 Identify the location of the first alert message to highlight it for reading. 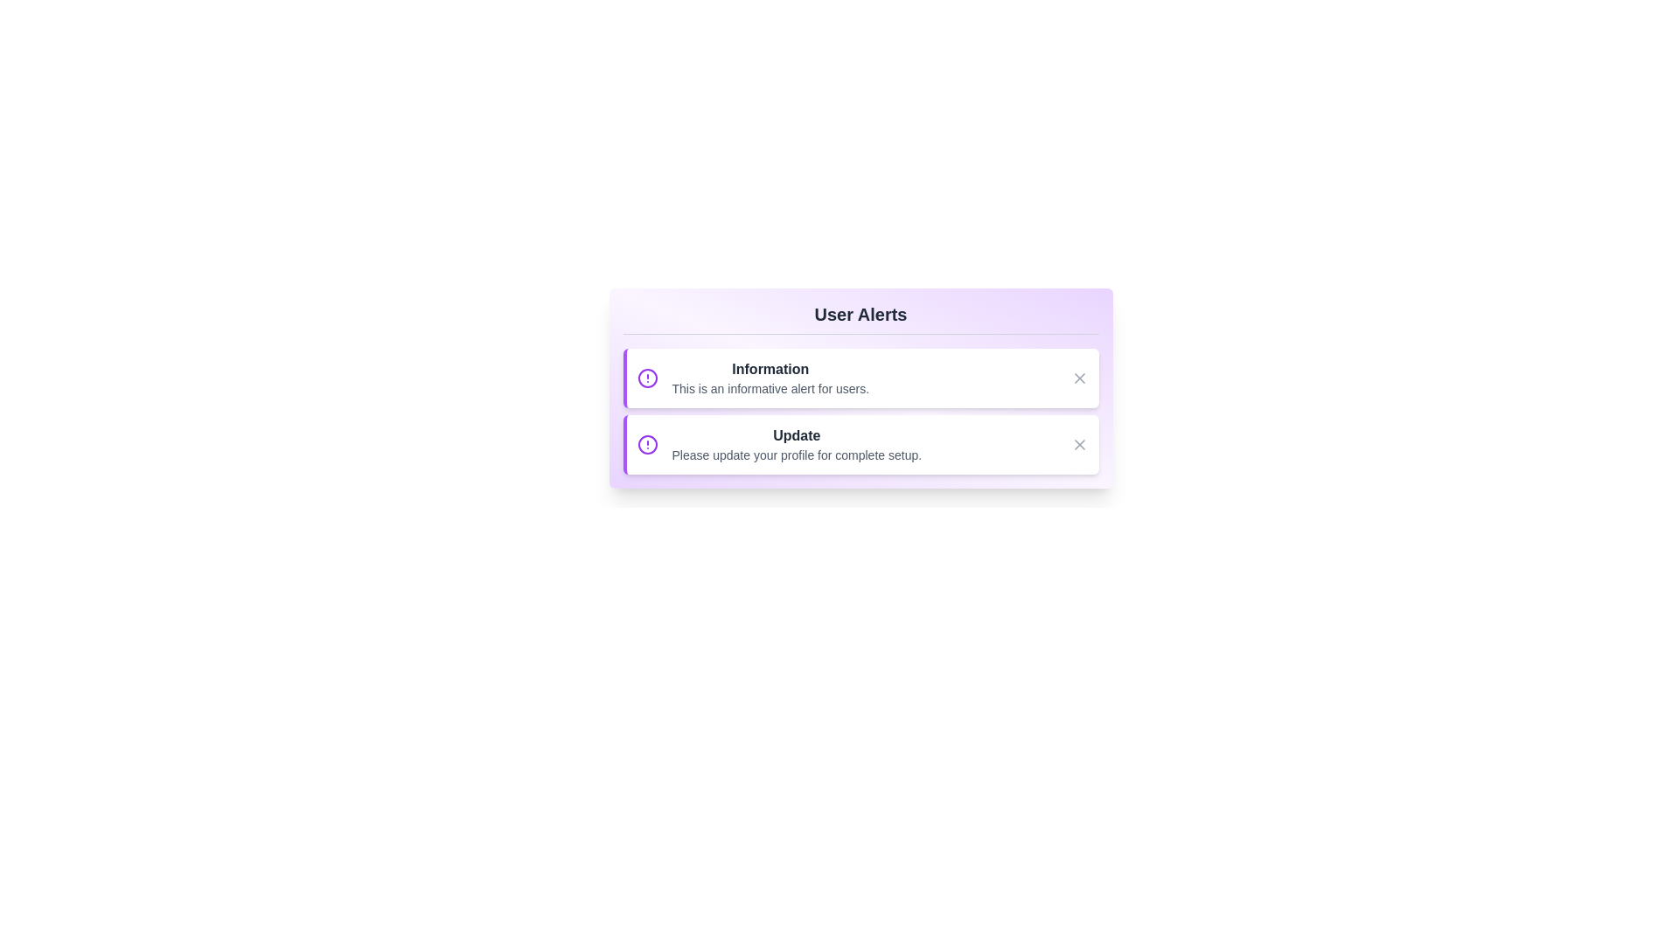
(860, 377).